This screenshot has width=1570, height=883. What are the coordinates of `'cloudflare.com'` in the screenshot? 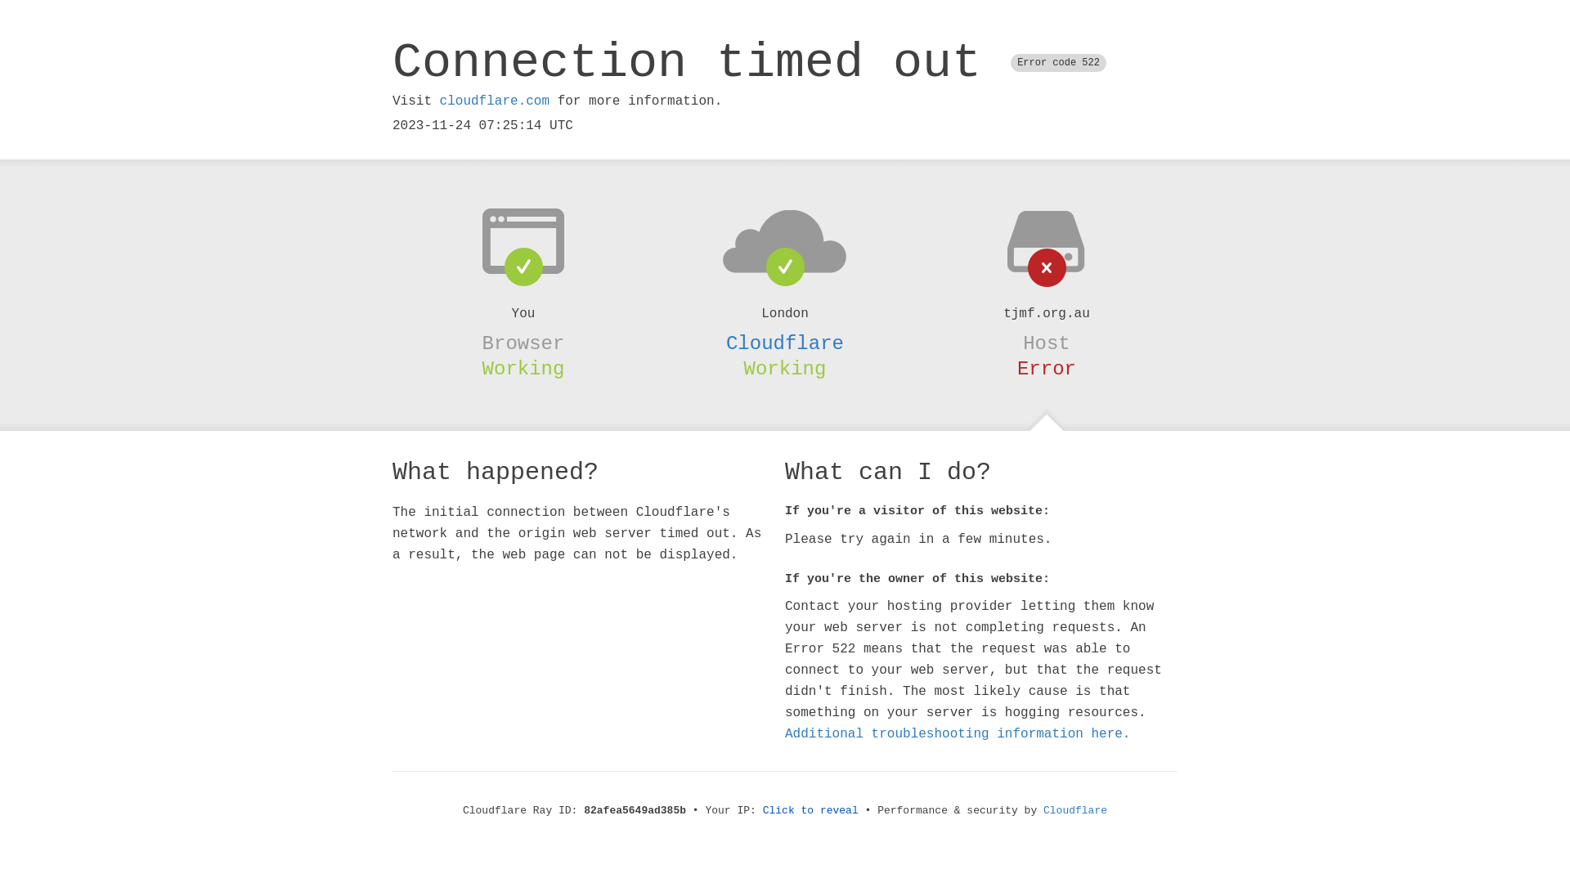 It's located at (493, 101).